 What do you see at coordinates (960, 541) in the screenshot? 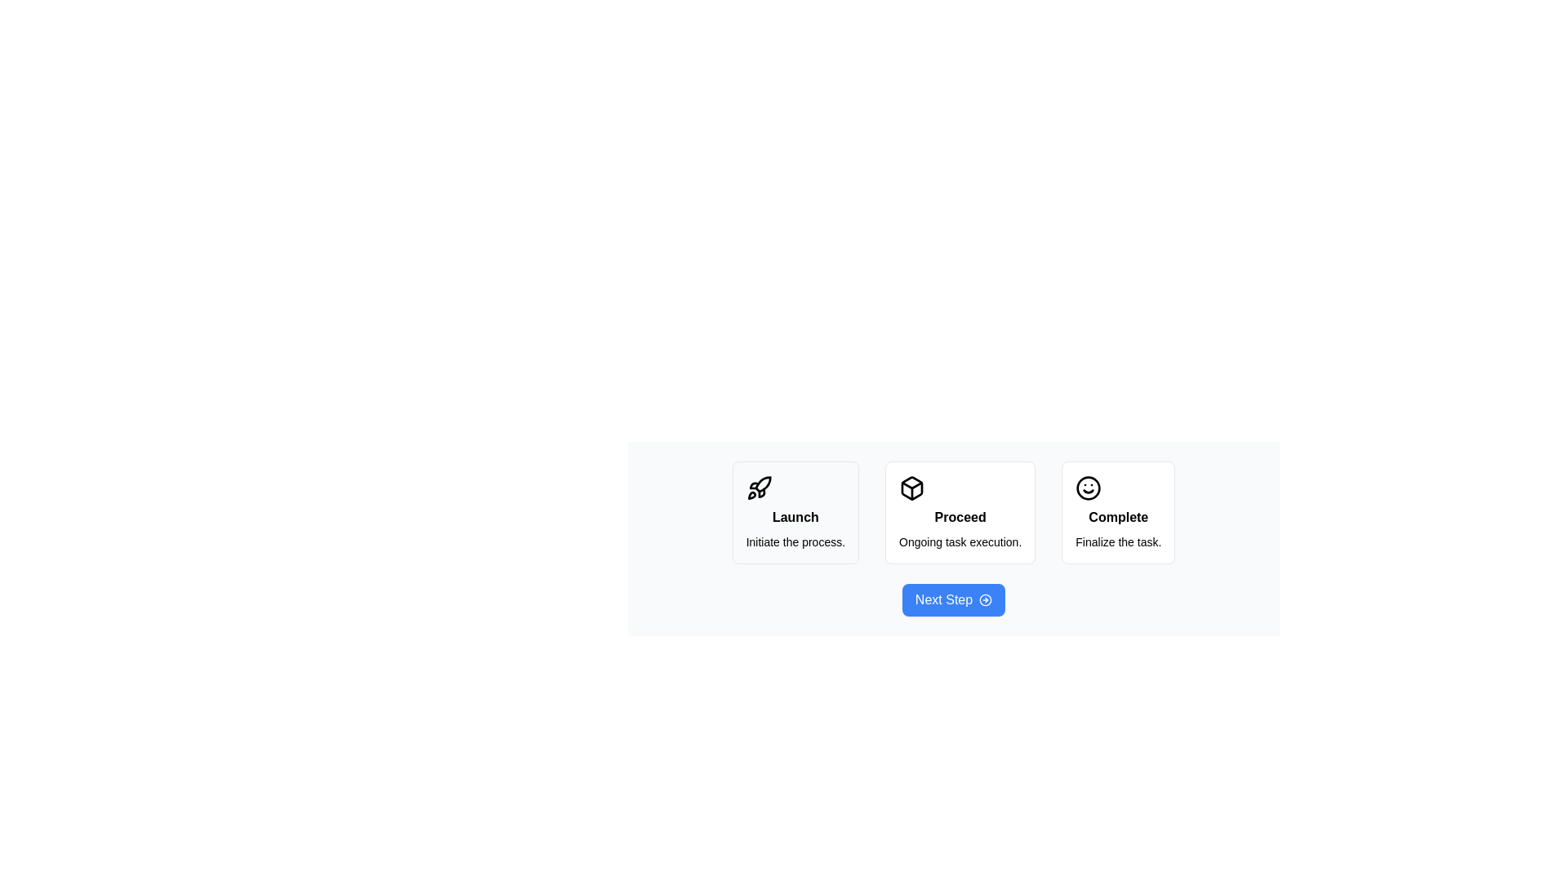
I see `the static text that says 'Ongoing task execution.' which is located in the second card below the bold title 'Proceed'` at bounding box center [960, 541].